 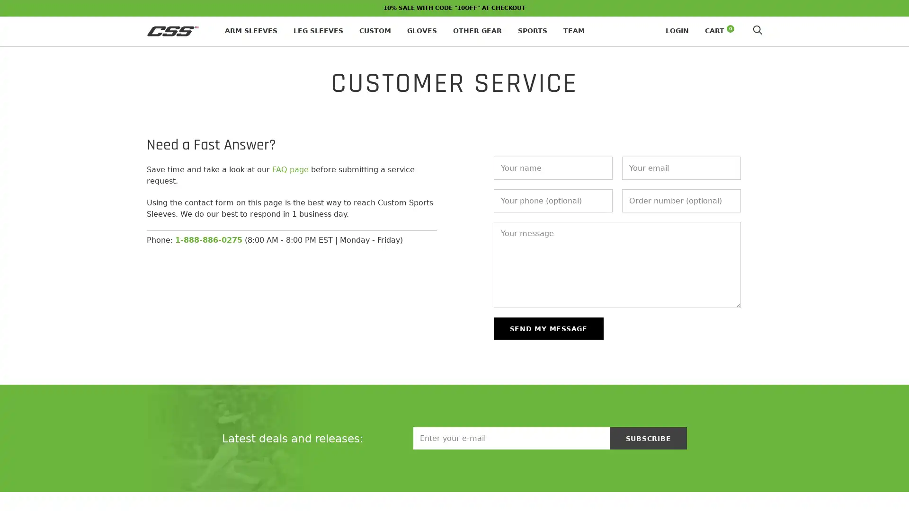 I want to click on Send my message, so click(x=548, y=328).